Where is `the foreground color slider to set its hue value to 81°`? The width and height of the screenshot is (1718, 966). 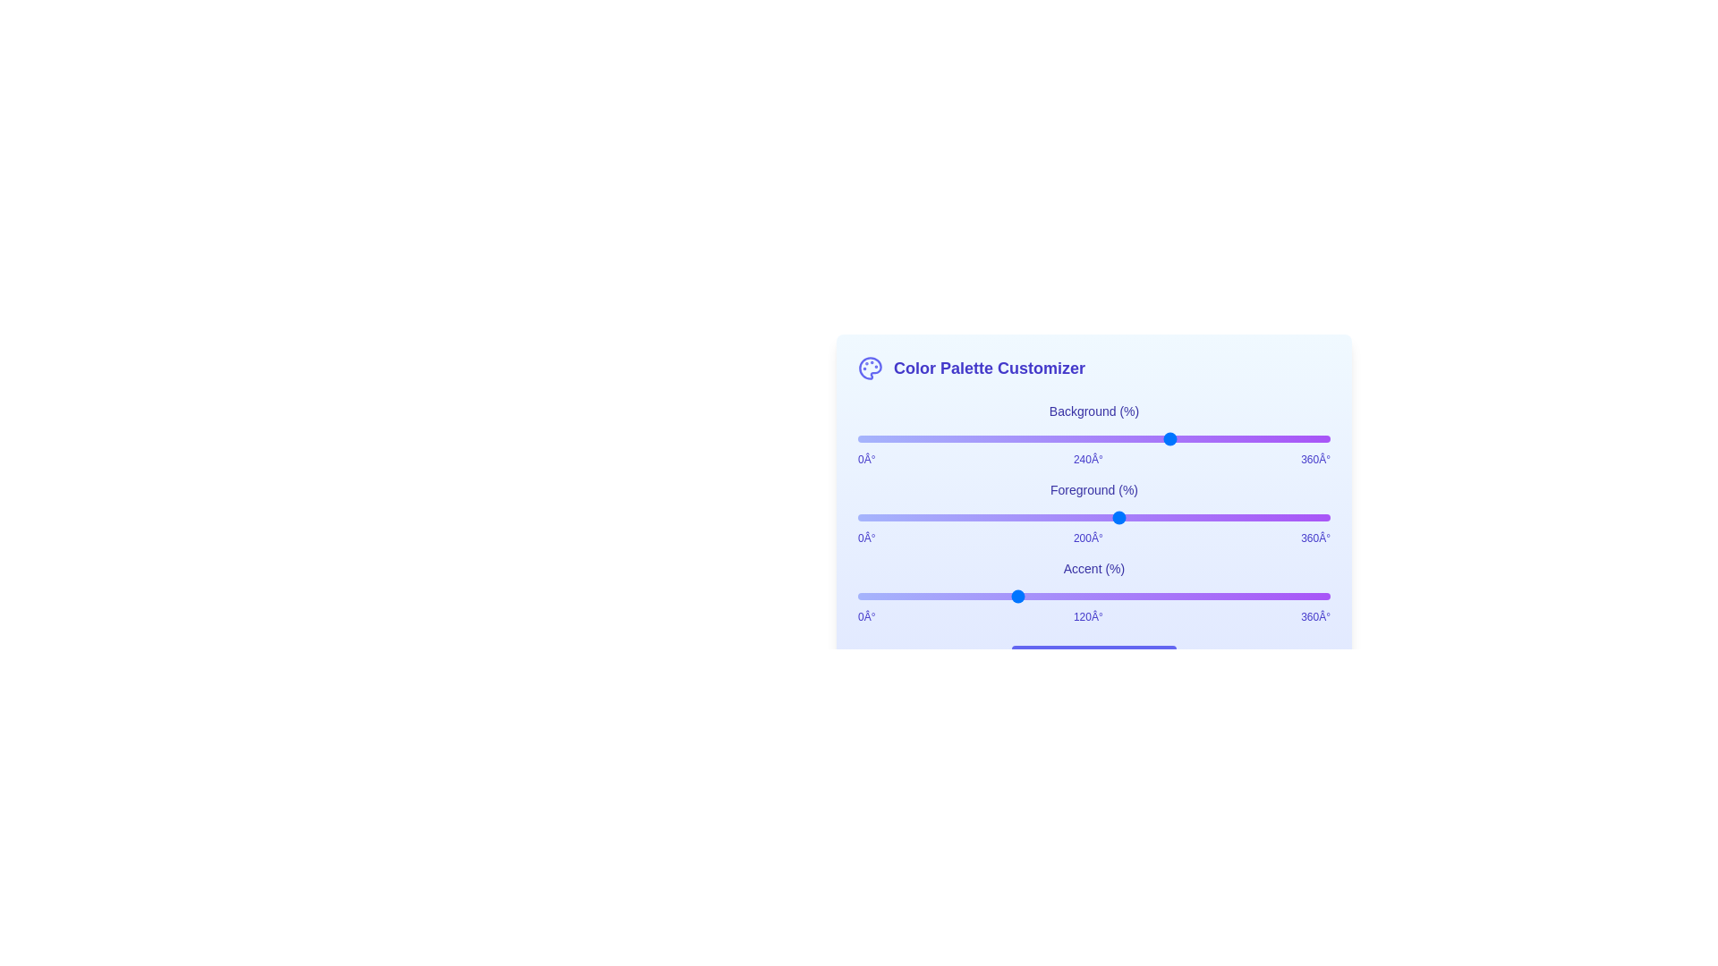 the foreground color slider to set its hue value to 81° is located at coordinates (963, 517).